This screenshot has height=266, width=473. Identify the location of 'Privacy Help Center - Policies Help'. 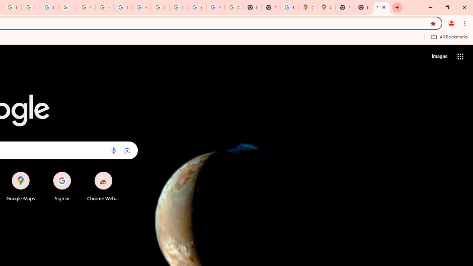
(30, 7).